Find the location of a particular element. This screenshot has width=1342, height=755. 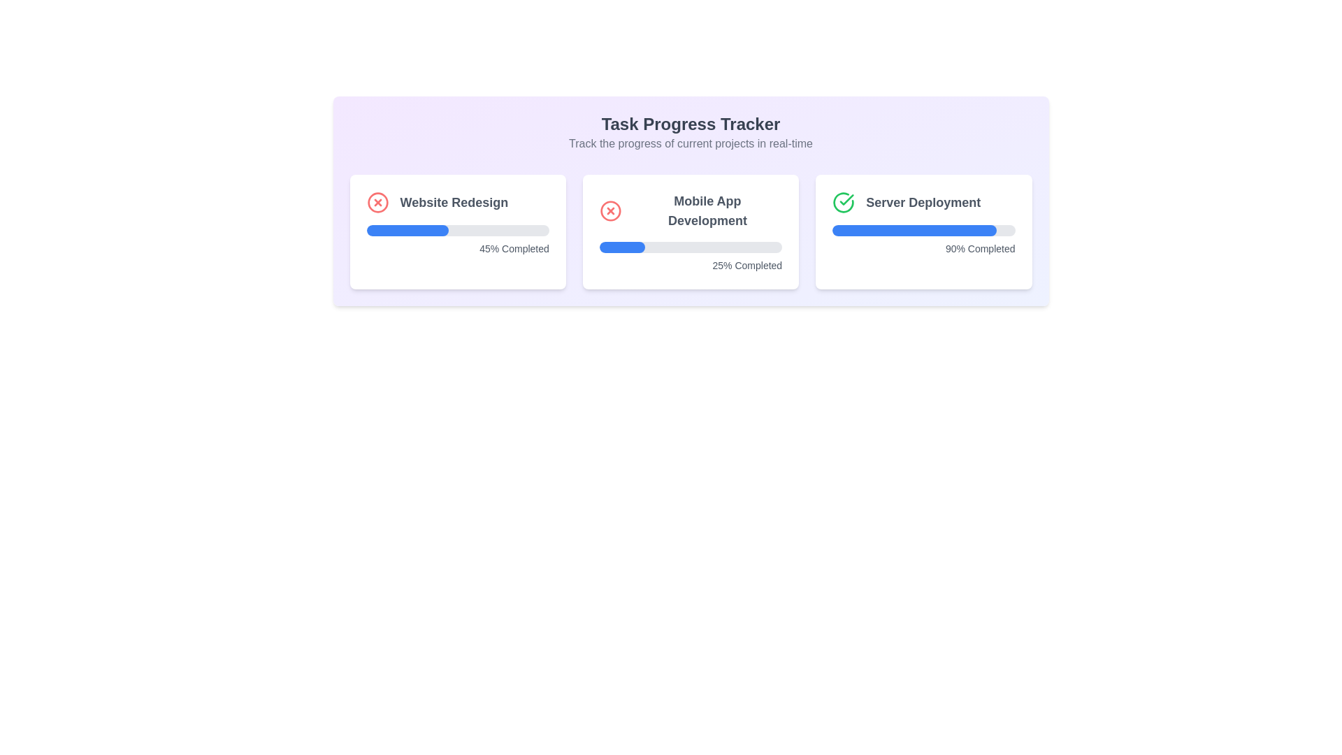

the progress bar indicating the progress of the 'Server Deployment' task, located below the title 'Server Deployment' and above the '90% Completed' label is located at coordinates (923, 230).